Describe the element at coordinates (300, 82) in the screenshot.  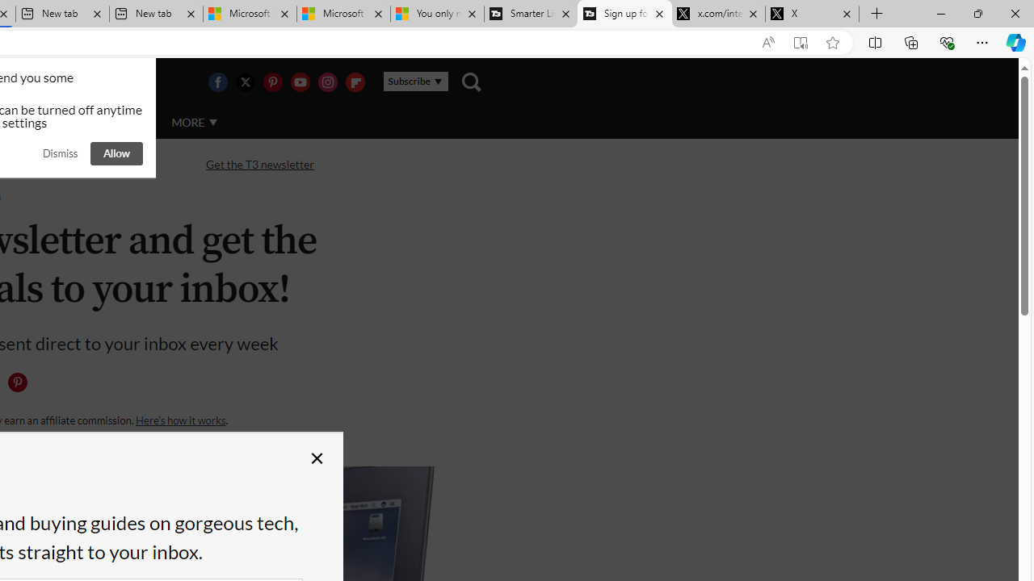
I see `'Visit us on Youtube'` at that location.